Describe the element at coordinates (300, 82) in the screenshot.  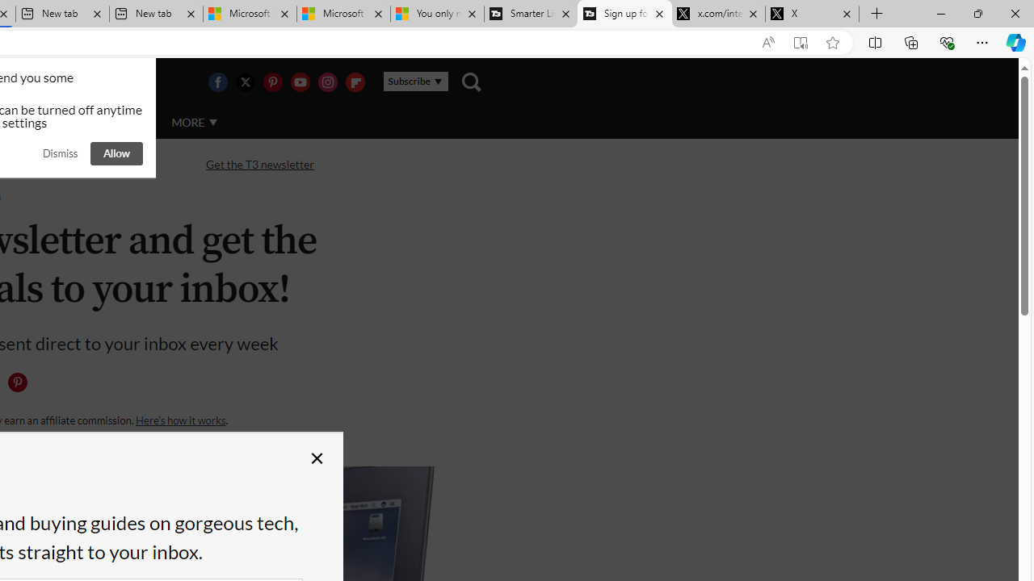
I see `'Visit us on Youtube'` at that location.